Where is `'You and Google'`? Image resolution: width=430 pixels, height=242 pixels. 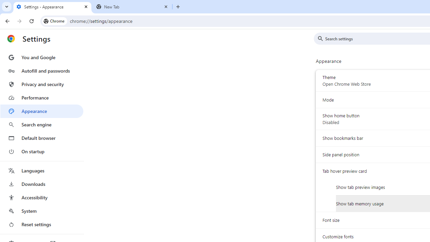 'You and Google' is located at coordinates (41, 57).